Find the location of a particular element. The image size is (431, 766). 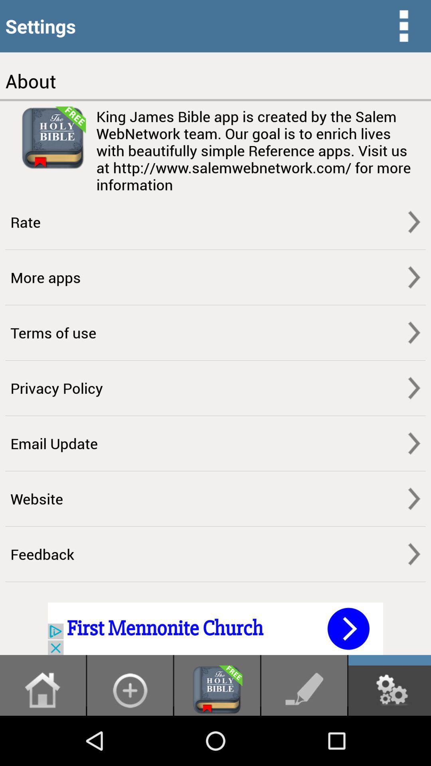

the settings icon is located at coordinates (389, 738).